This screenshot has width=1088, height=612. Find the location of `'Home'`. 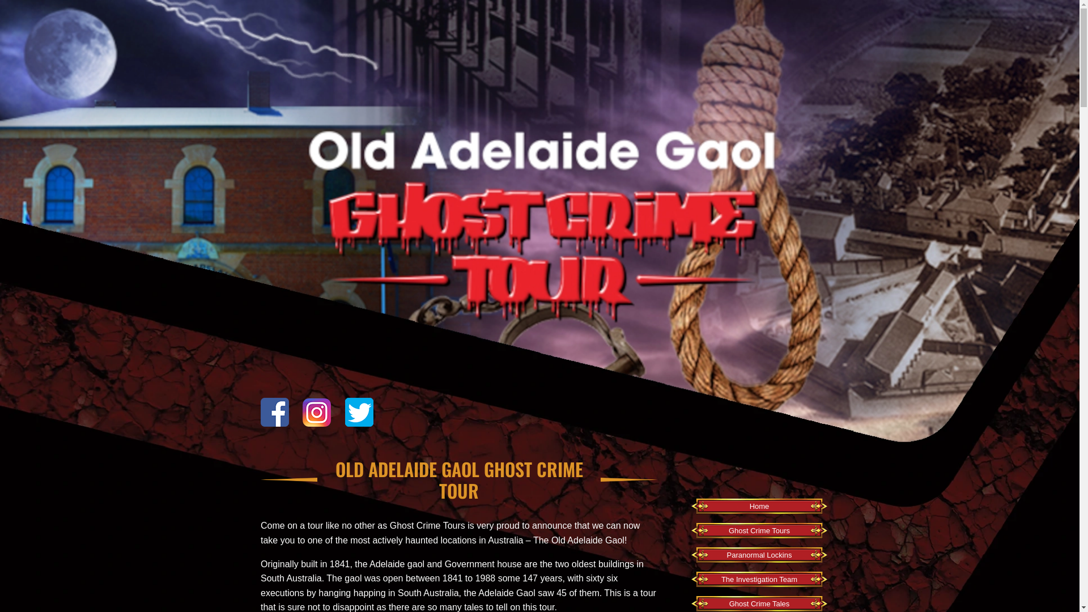

'Home' is located at coordinates (759, 506).